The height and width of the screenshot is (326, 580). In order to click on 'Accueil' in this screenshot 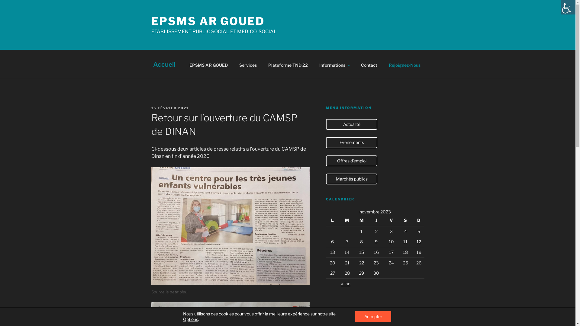, I will do `click(164, 64)`.